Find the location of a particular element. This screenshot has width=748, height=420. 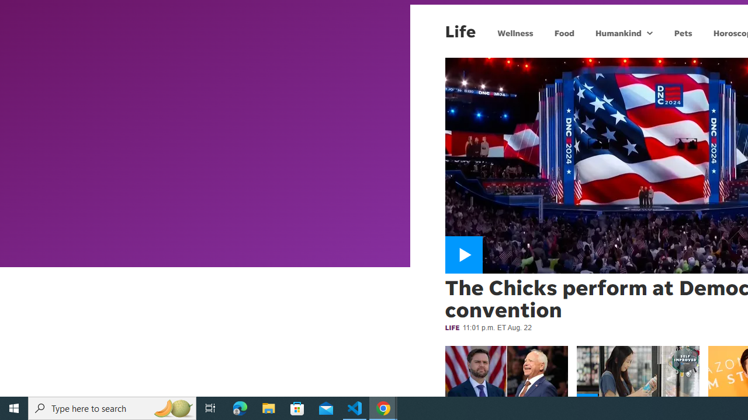

'Task View' is located at coordinates (210, 407).